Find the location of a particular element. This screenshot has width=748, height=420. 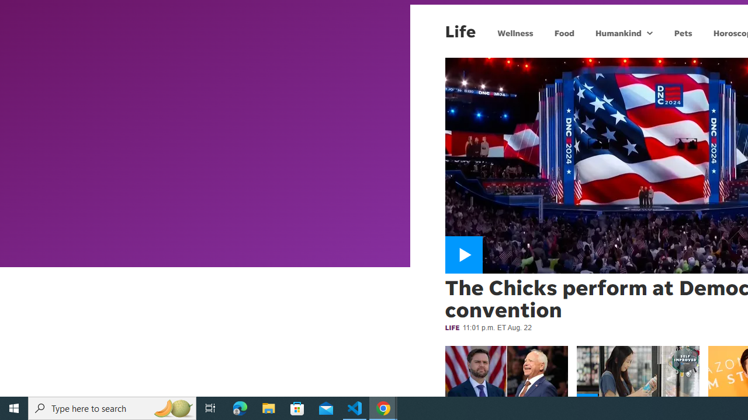

'Task View' is located at coordinates (210, 407).